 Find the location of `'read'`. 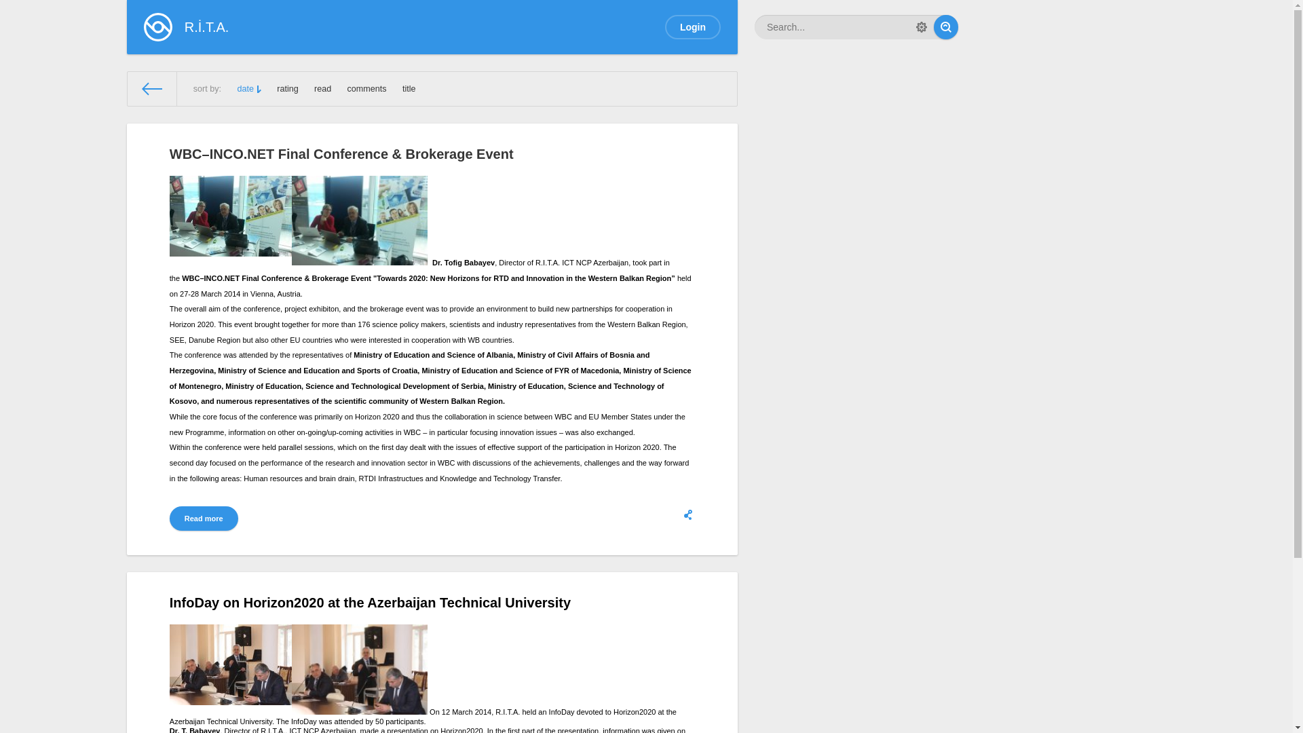

'read' is located at coordinates (322, 89).